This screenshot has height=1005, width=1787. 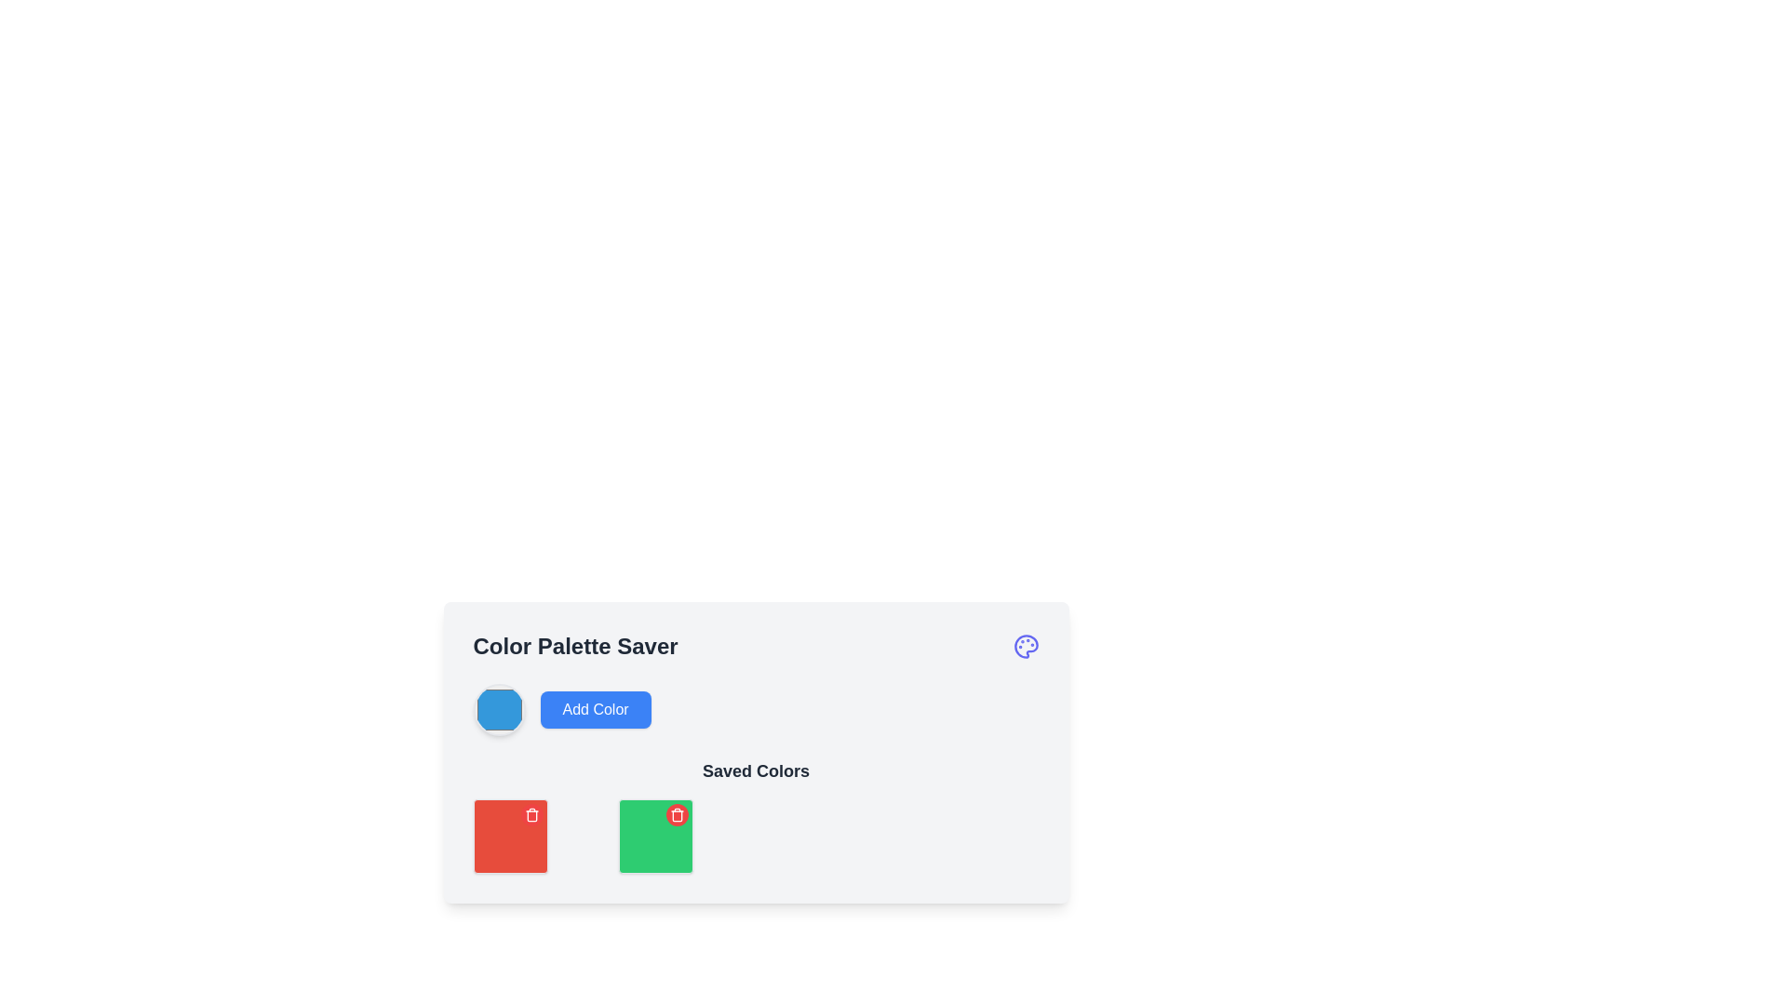 I want to click on the color palette icon located at the top-right corner of the 'Color Palette Saver' section, so click(x=1025, y=645).